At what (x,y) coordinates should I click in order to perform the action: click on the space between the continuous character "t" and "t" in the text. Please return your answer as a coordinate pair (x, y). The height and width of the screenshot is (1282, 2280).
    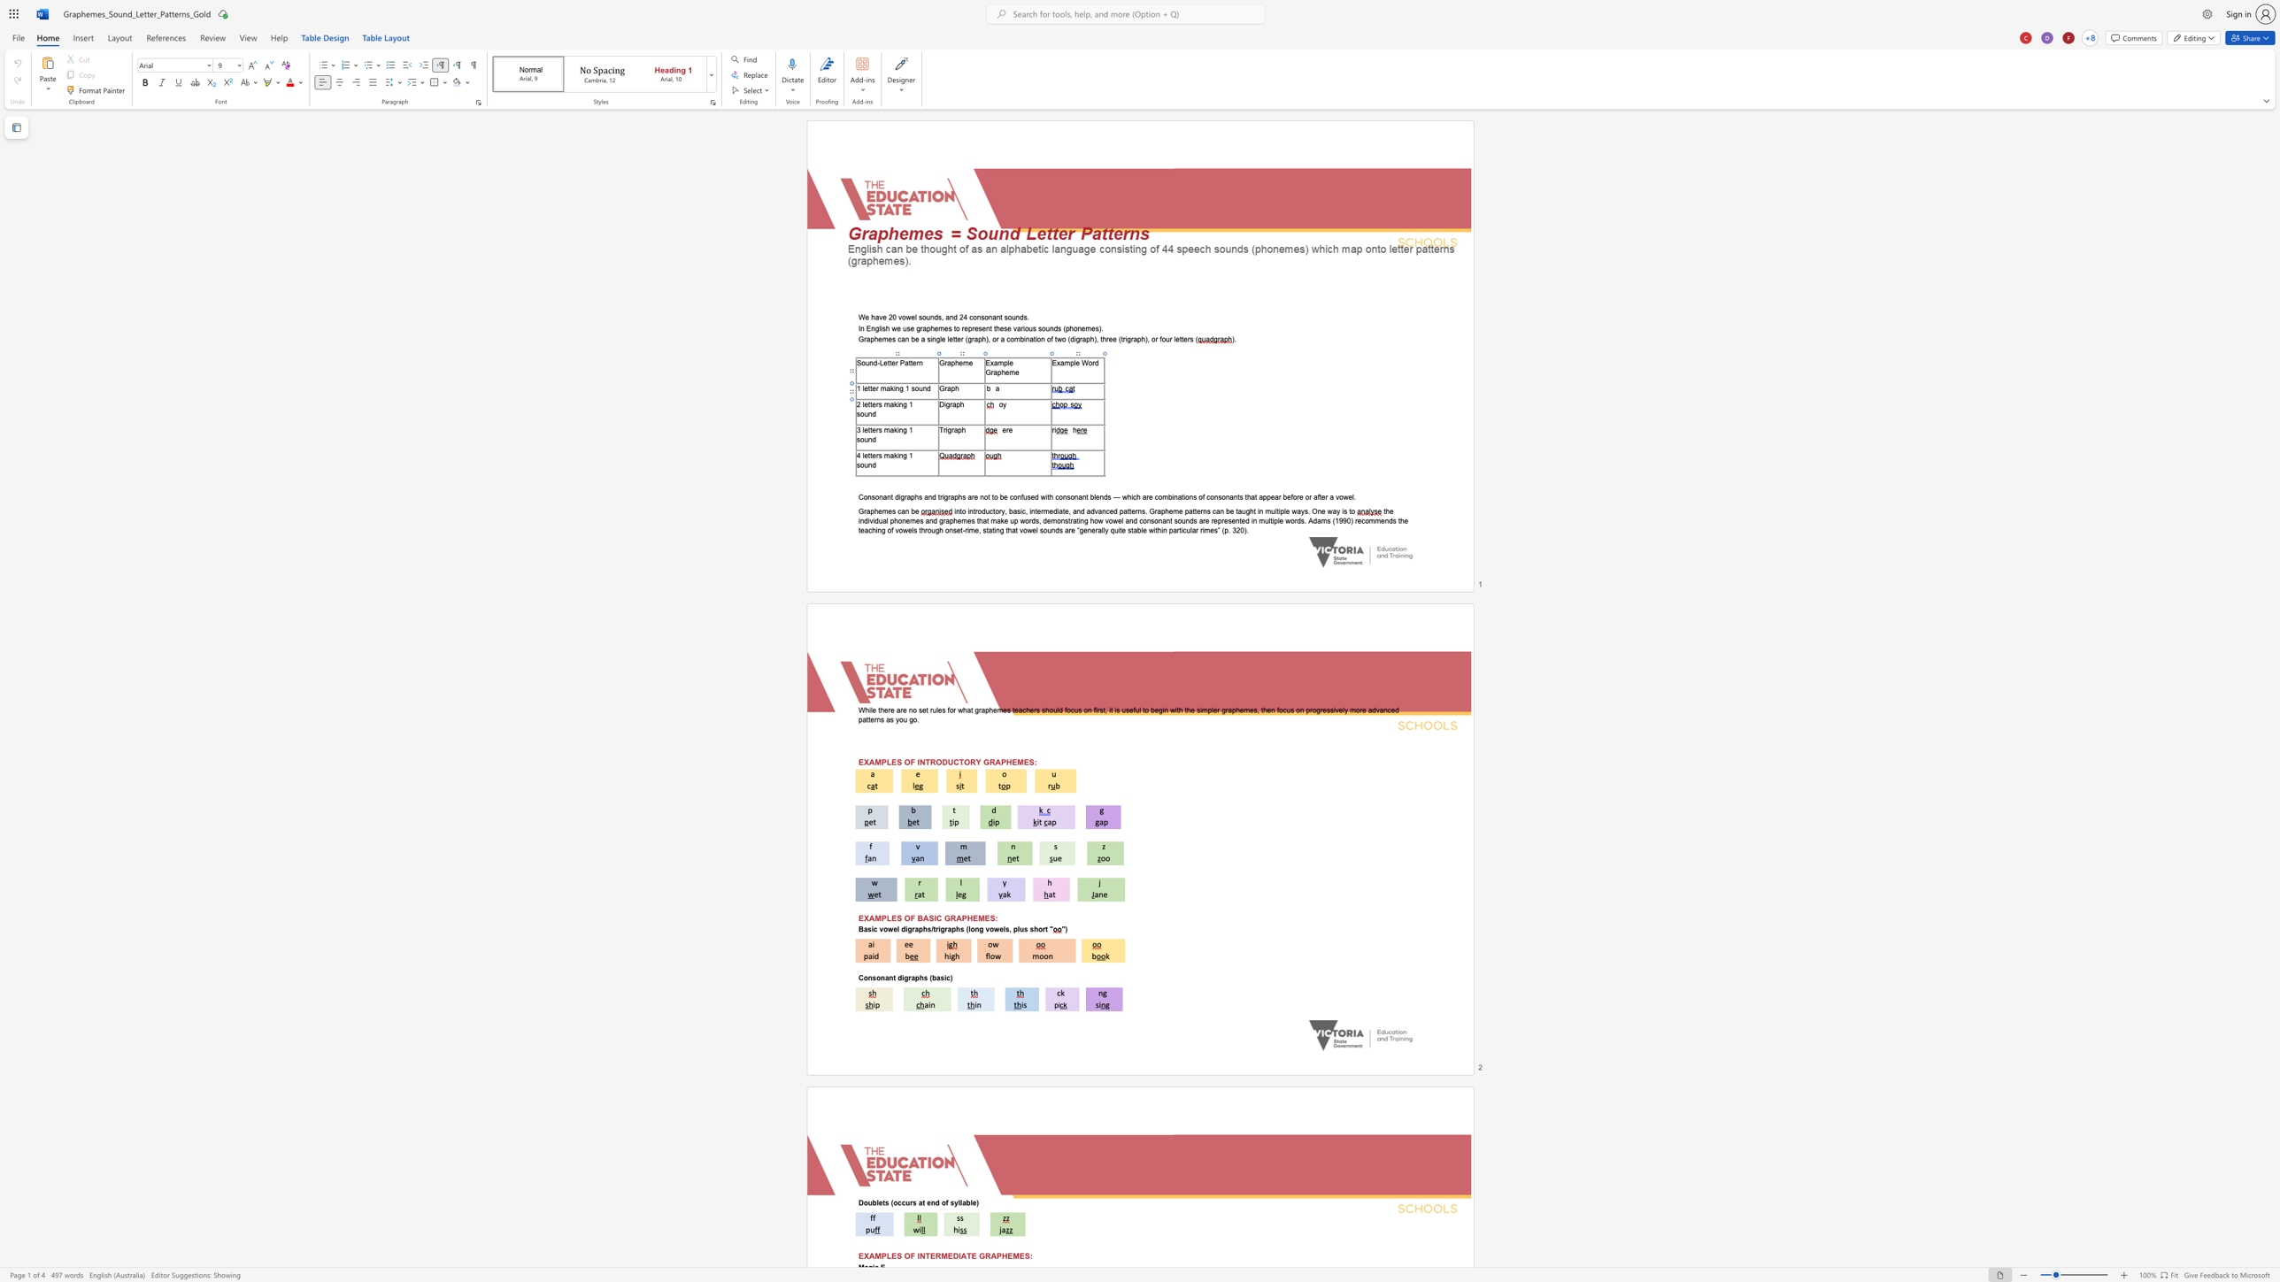
    Looking at the image, I should click on (870, 403).